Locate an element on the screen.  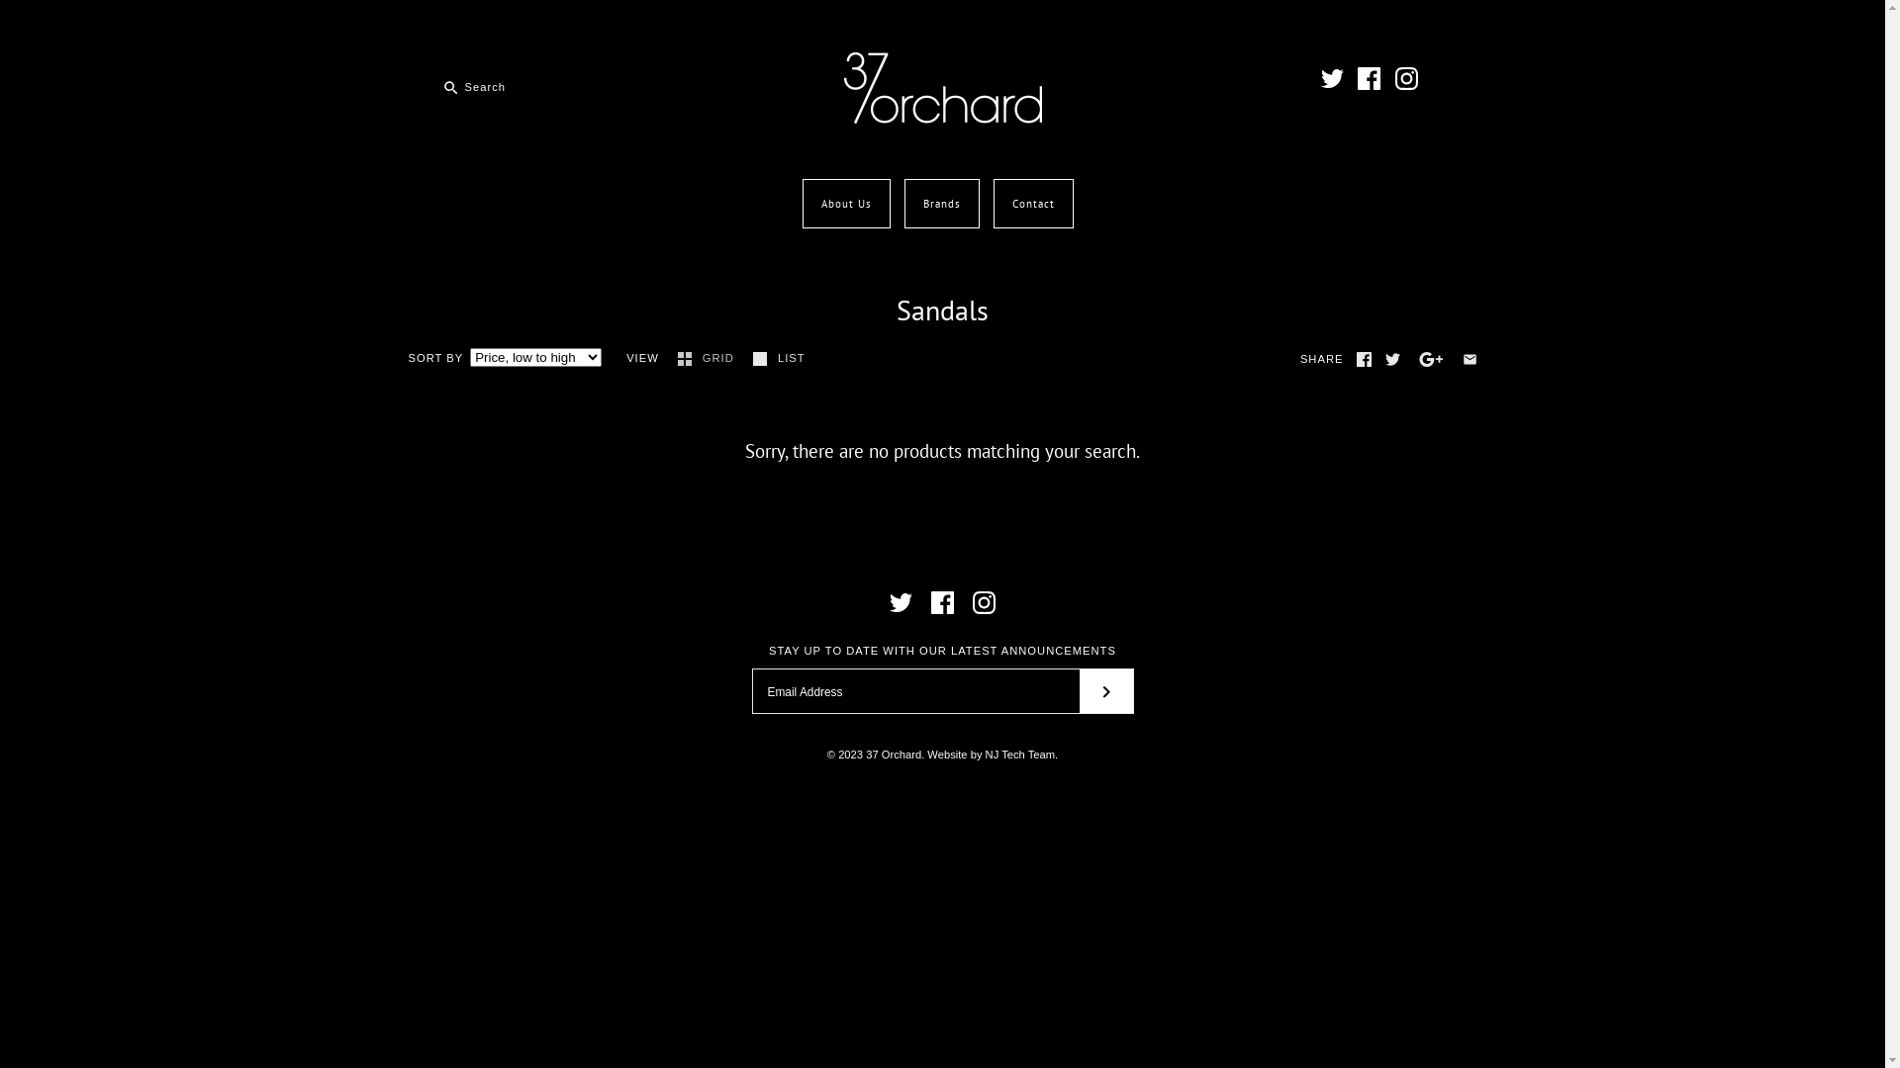
'Email' is located at coordinates (1470, 359).